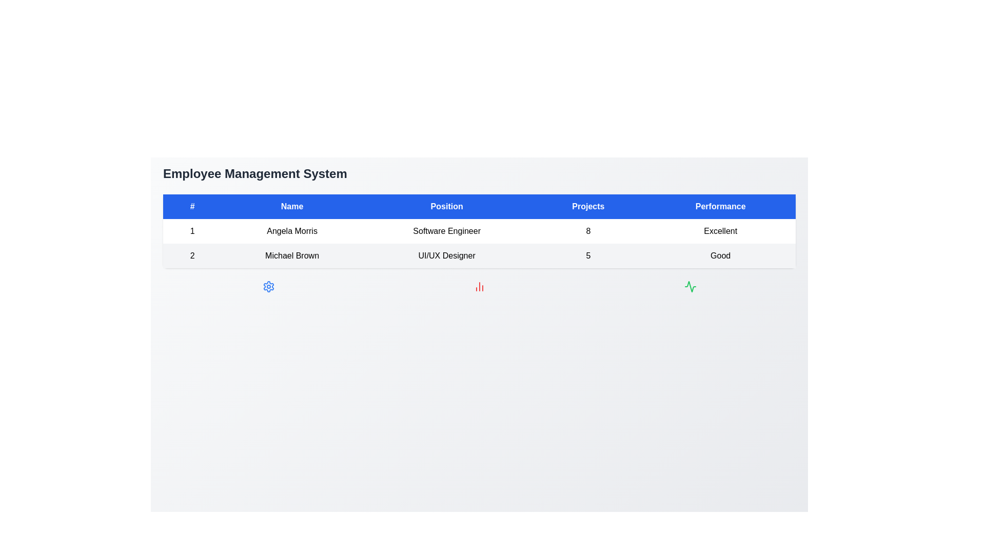 The image size is (985, 554). What do you see at coordinates (479, 231) in the screenshot?
I see `the first row of the data table that displays employee details, including name, job title, number of projects, and performance rating` at bounding box center [479, 231].